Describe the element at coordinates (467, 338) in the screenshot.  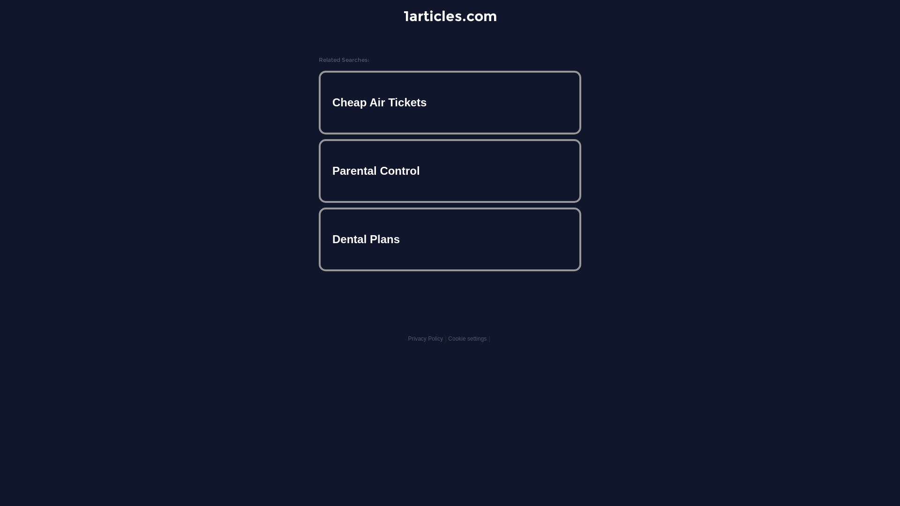
I see `'Cookie settings'` at that location.